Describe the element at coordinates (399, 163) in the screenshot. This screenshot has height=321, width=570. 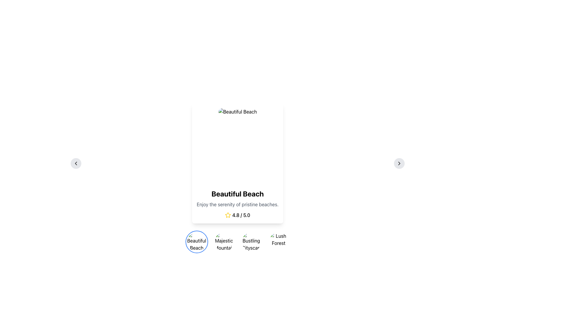
I see `the next button located at the top right corner of the card-like layout for navigation` at that location.